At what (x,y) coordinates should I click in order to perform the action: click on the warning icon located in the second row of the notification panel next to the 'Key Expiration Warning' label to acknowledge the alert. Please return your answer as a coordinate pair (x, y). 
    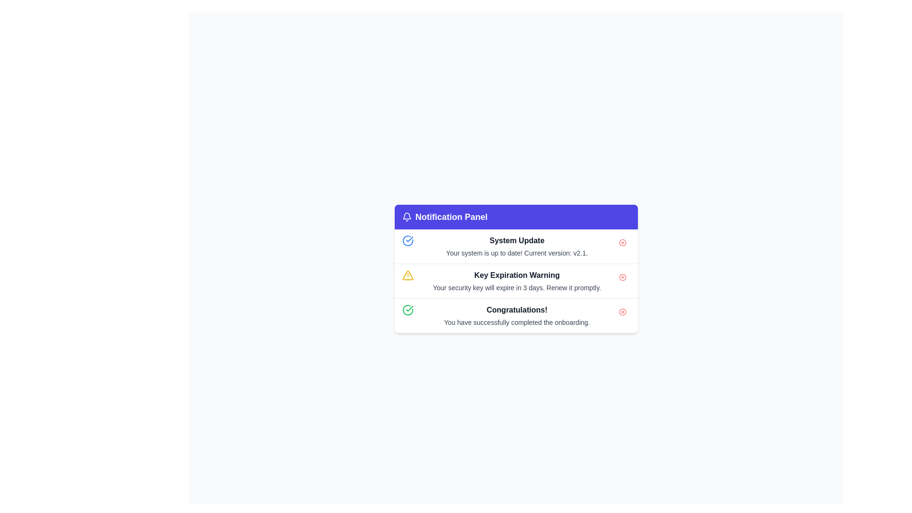
    Looking at the image, I should click on (408, 275).